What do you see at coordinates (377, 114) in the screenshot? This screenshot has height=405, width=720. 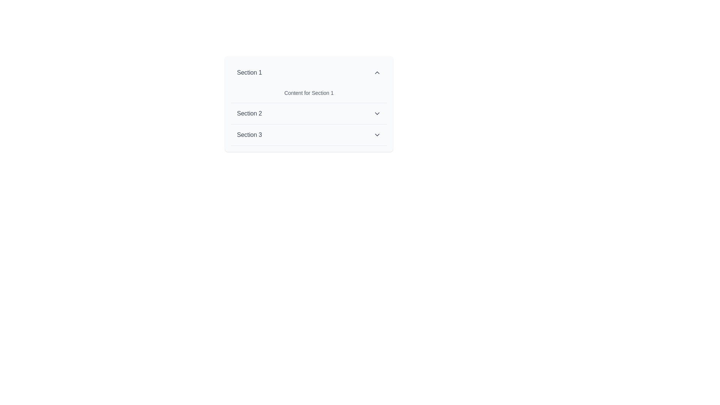 I see `the downward-facing chevron icon to the right of the 'Section 2' text` at bounding box center [377, 114].